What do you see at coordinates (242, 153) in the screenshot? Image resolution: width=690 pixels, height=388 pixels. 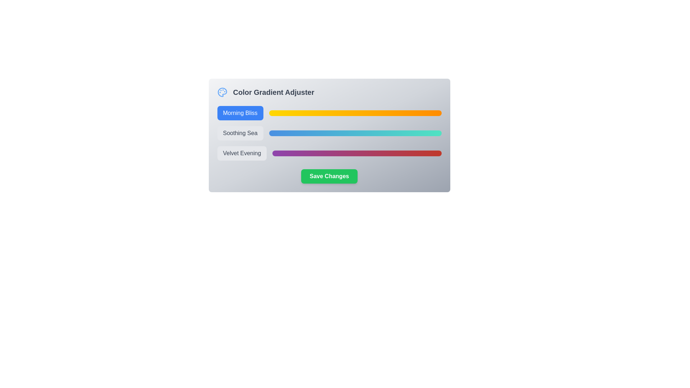 I see `the button corresponding to the gradient Velvet Evening` at bounding box center [242, 153].